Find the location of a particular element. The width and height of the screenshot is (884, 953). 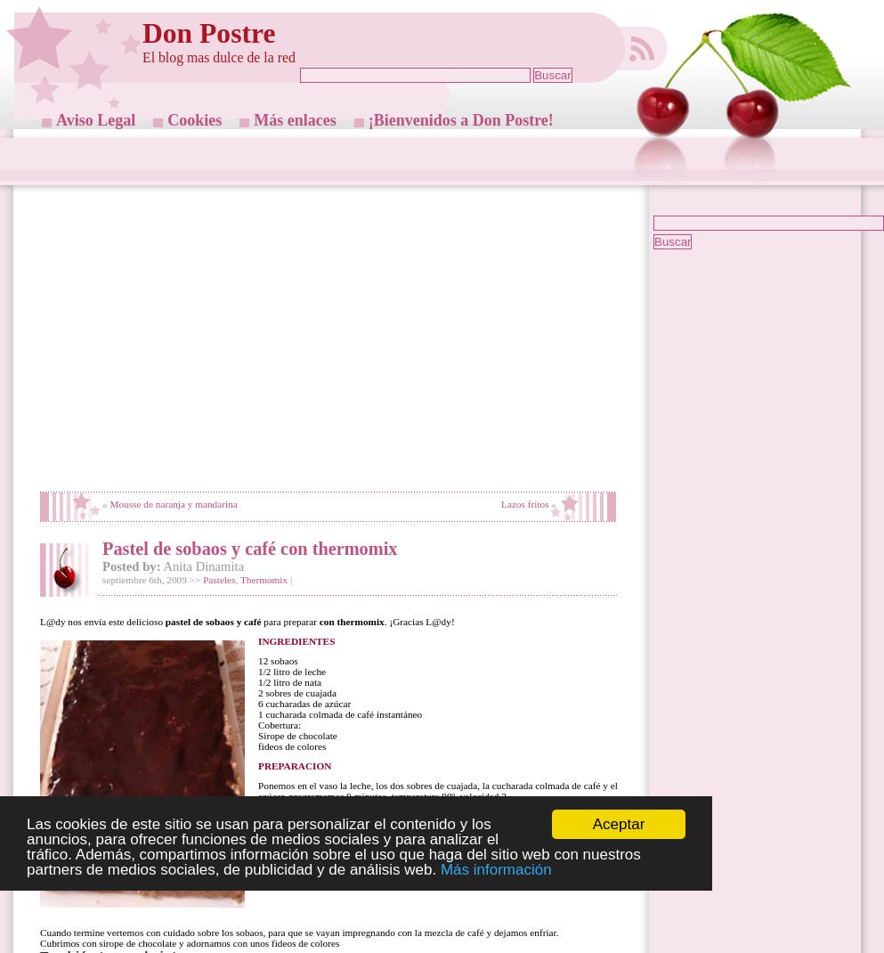

'Cobertura:' is located at coordinates (278, 724).